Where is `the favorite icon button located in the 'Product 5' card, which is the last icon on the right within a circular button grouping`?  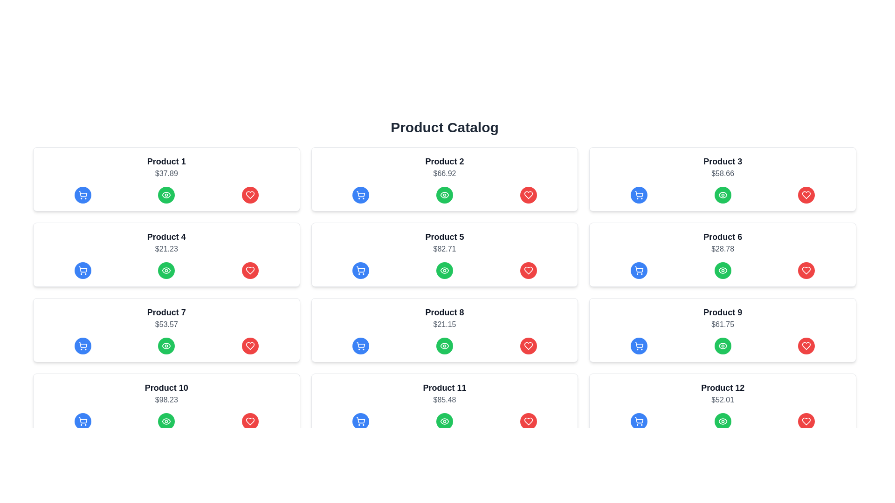 the favorite icon button located in the 'Product 5' card, which is the last icon on the right within a circular button grouping is located at coordinates (528, 271).